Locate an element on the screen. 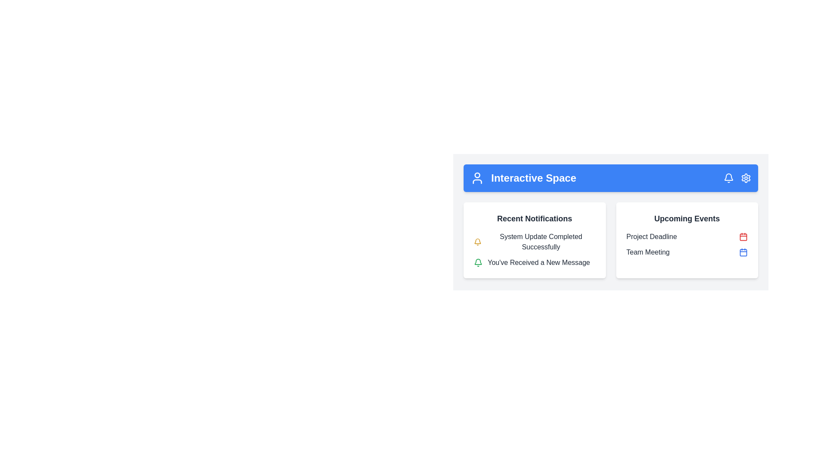  text of the header labeled 'Recent Notifications' which is displayed in bold and larger font at the top center of the notifications section is located at coordinates (534, 218).